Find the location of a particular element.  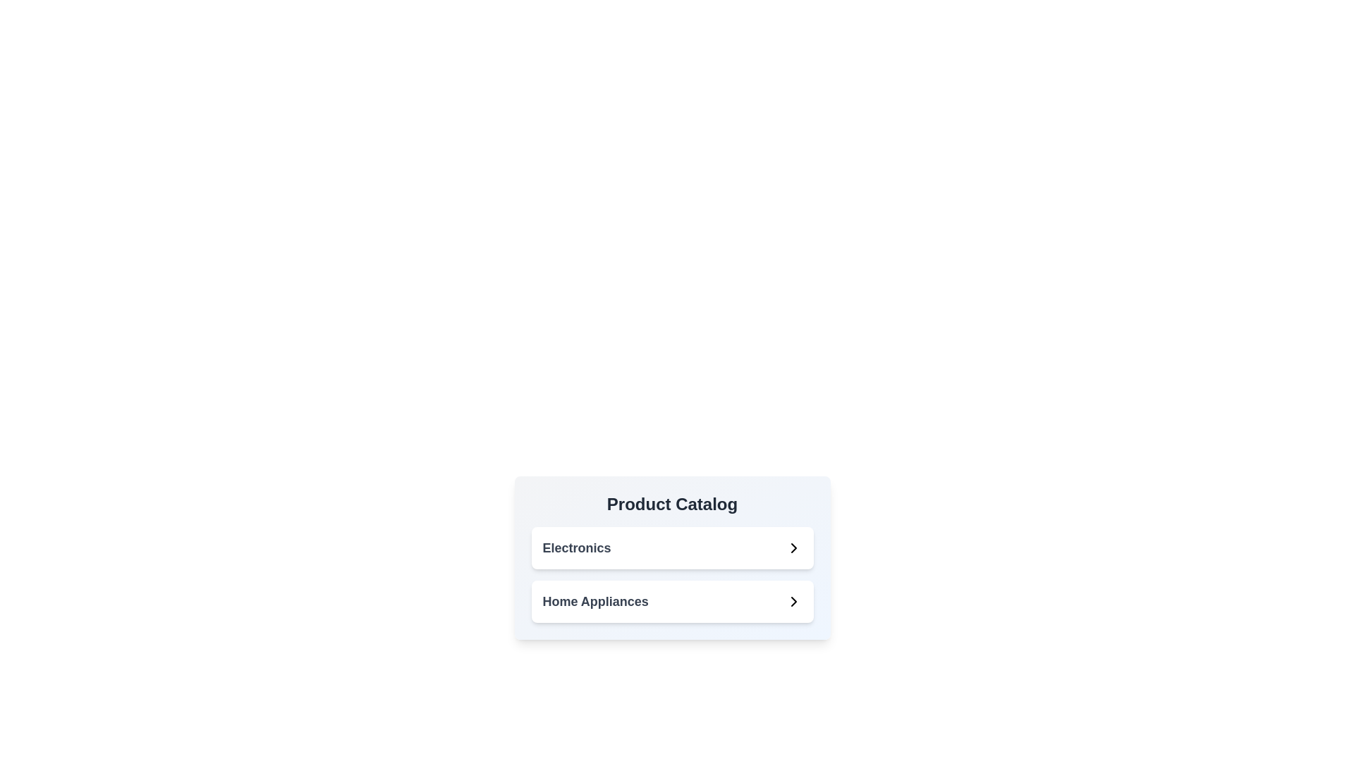

the chevron icon indicating navigation for 'Home Appliances' is located at coordinates (793, 601).